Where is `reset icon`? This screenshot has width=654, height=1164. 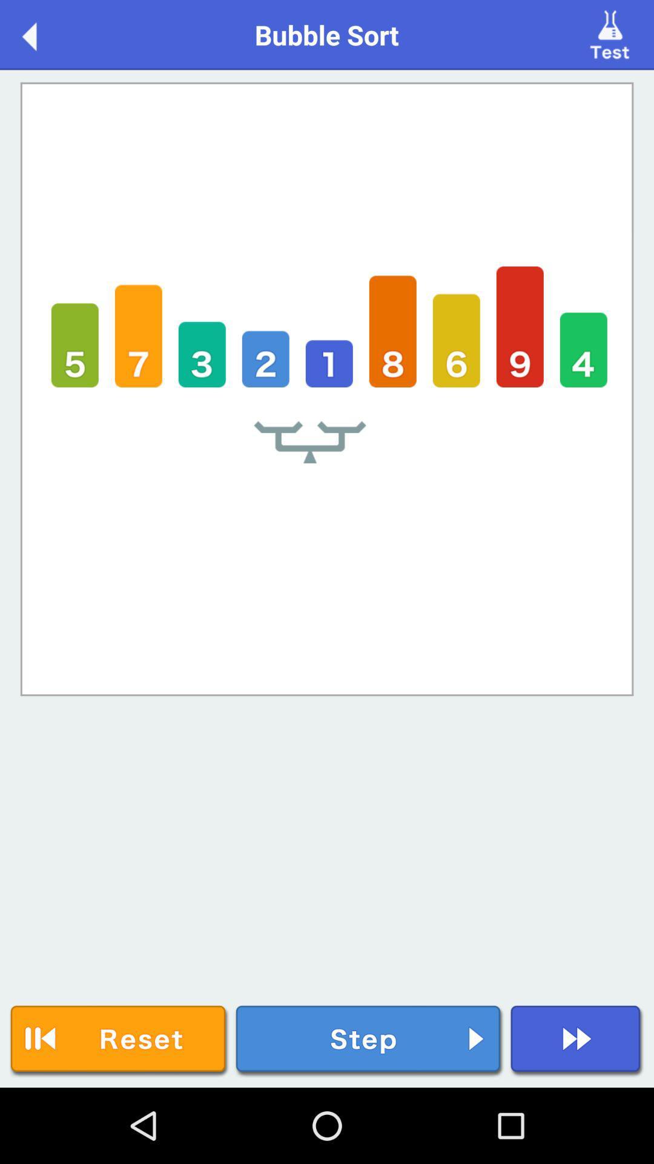
reset icon is located at coordinates (119, 1040).